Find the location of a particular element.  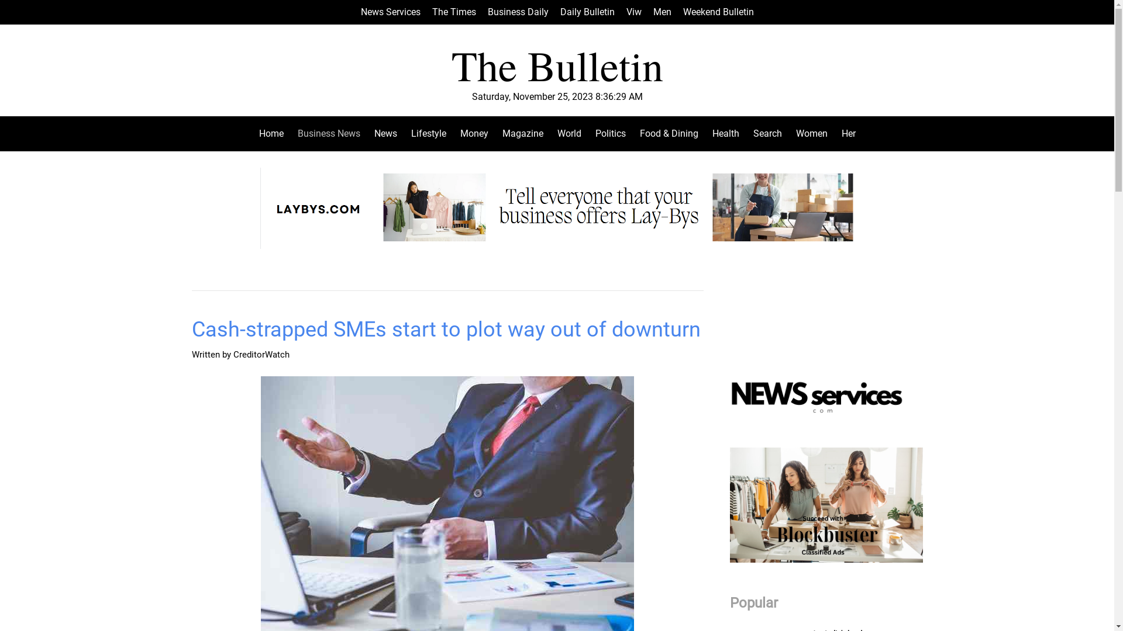

'The Times' is located at coordinates (453, 12).